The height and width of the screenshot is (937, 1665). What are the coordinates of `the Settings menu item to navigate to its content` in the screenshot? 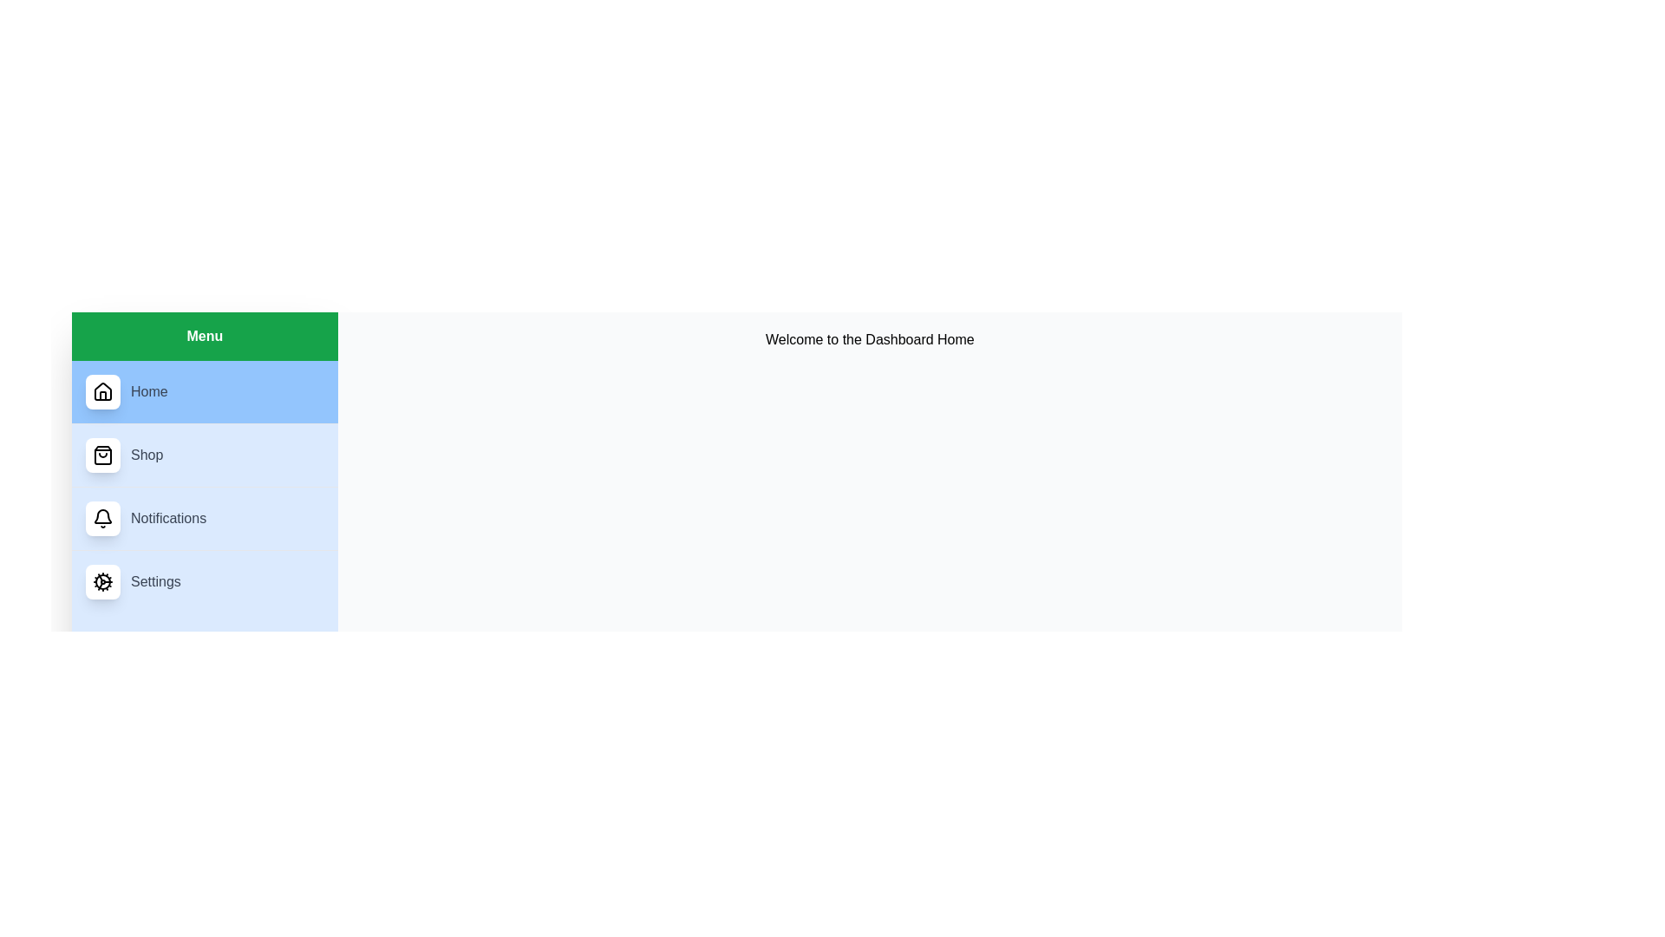 It's located at (204, 582).